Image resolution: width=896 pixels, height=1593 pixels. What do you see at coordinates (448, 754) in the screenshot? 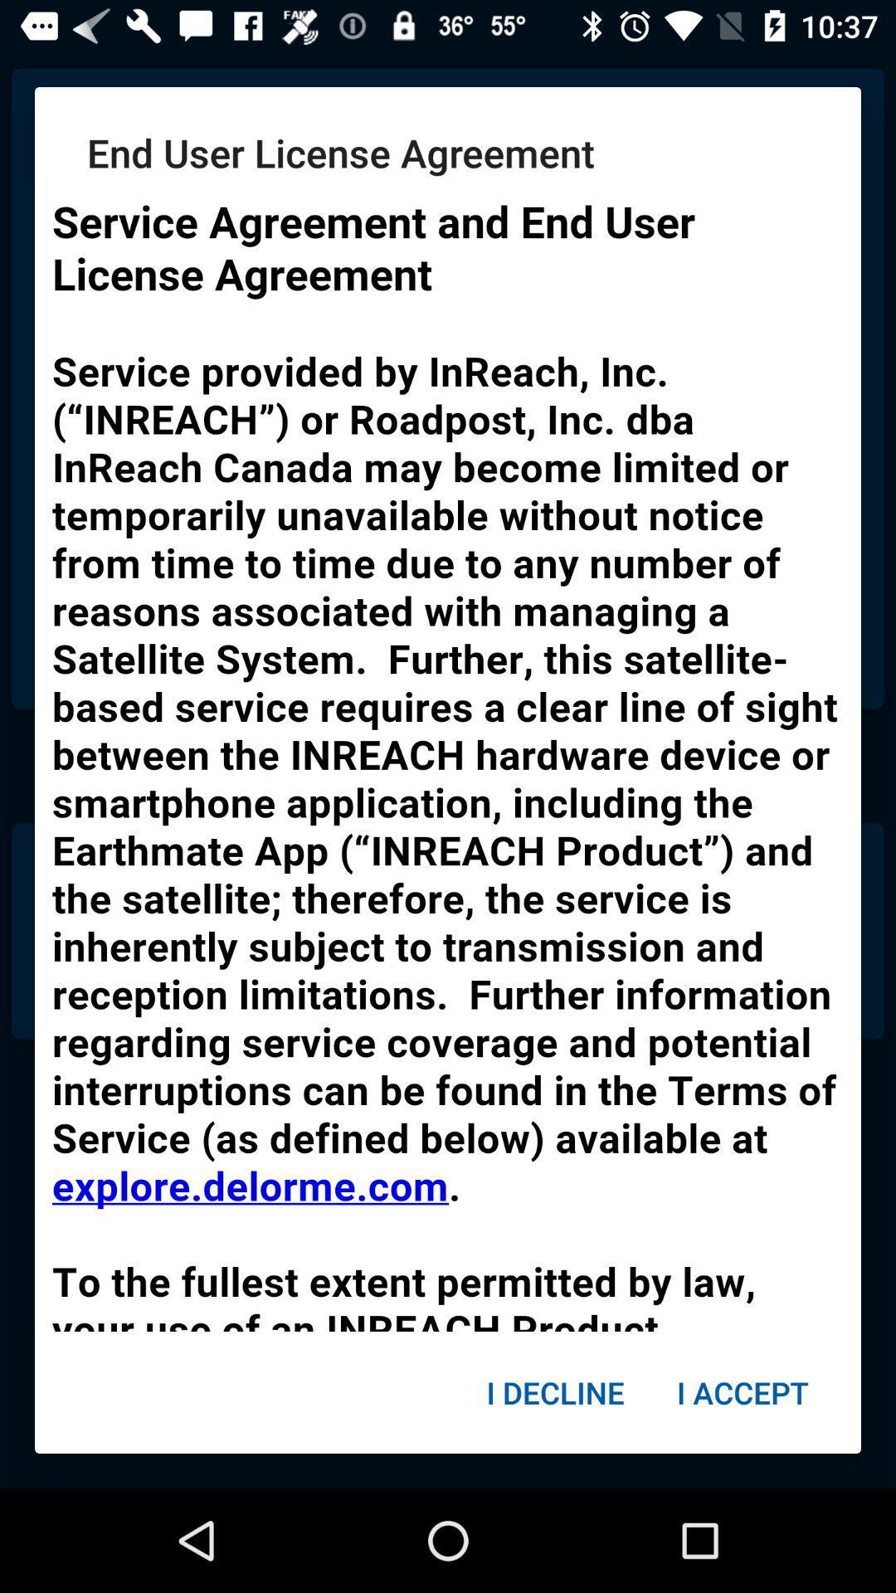
I see `scrollable page` at bounding box center [448, 754].